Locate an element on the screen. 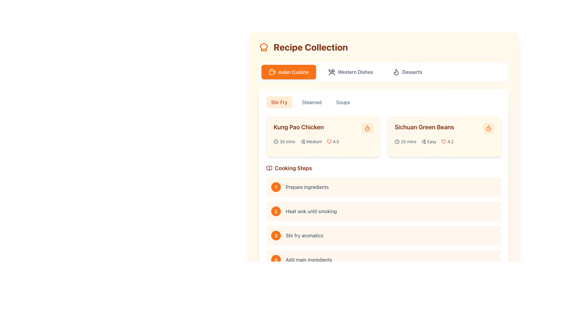 Image resolution: width=583 pixels, height=327 pixels. the title text label of the recipe card, which is centrally positioned at the top of the second recipe card in a horizontal list is located at coordinates (444, 128).